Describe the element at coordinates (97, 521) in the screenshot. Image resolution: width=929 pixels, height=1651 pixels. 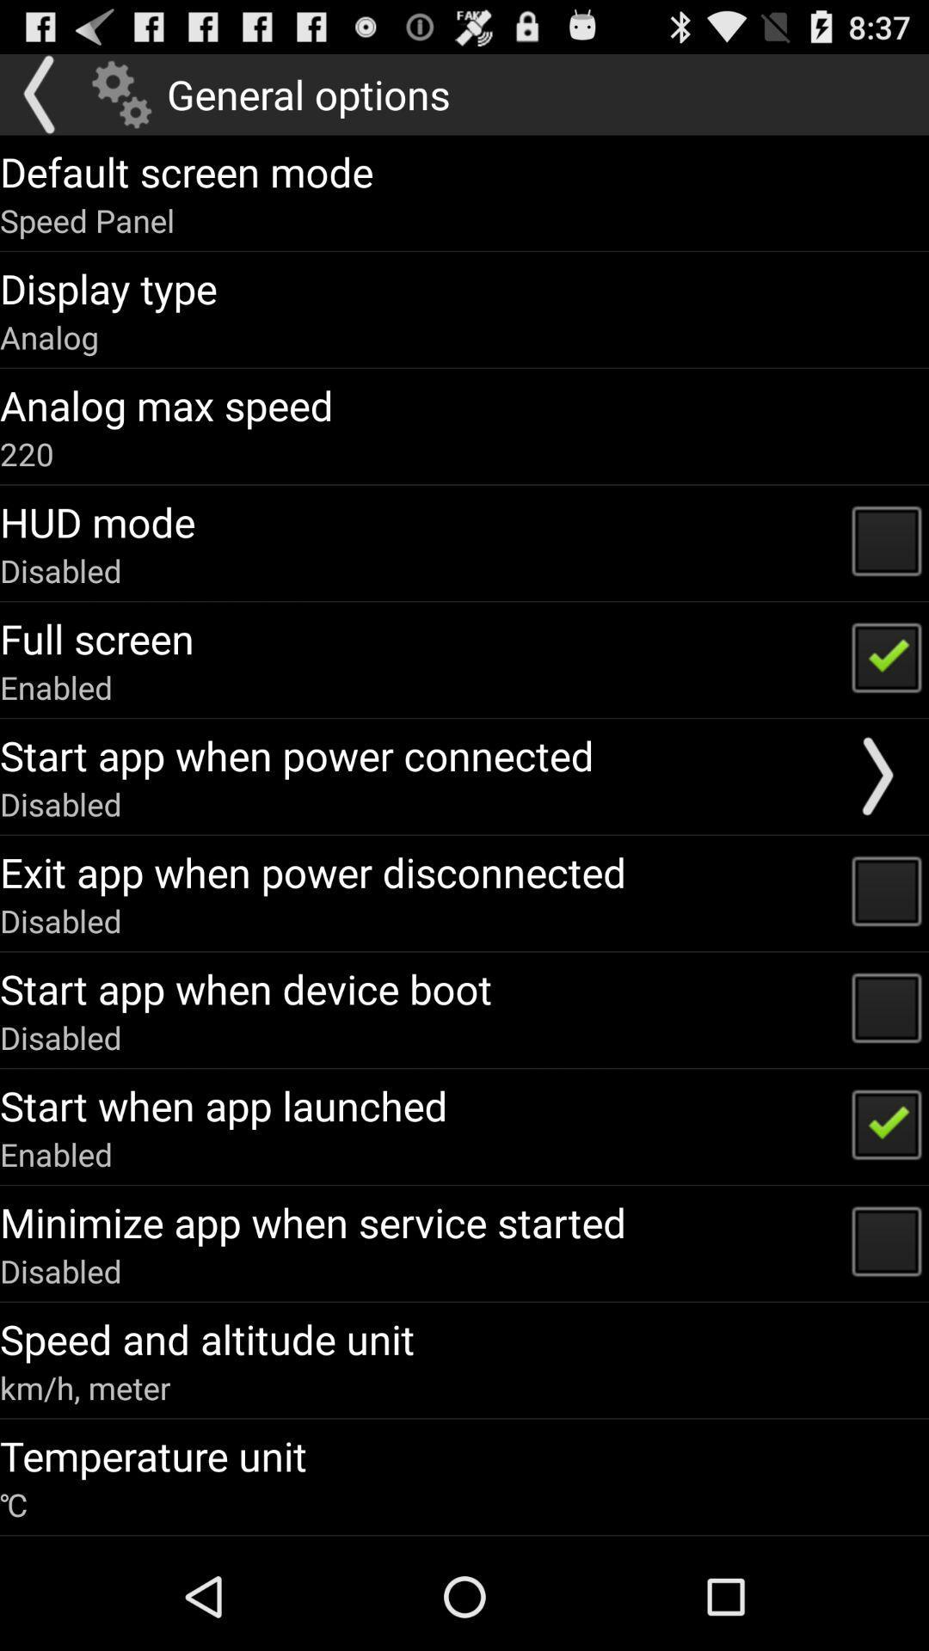
I see `the app below the 220 app` at that location.